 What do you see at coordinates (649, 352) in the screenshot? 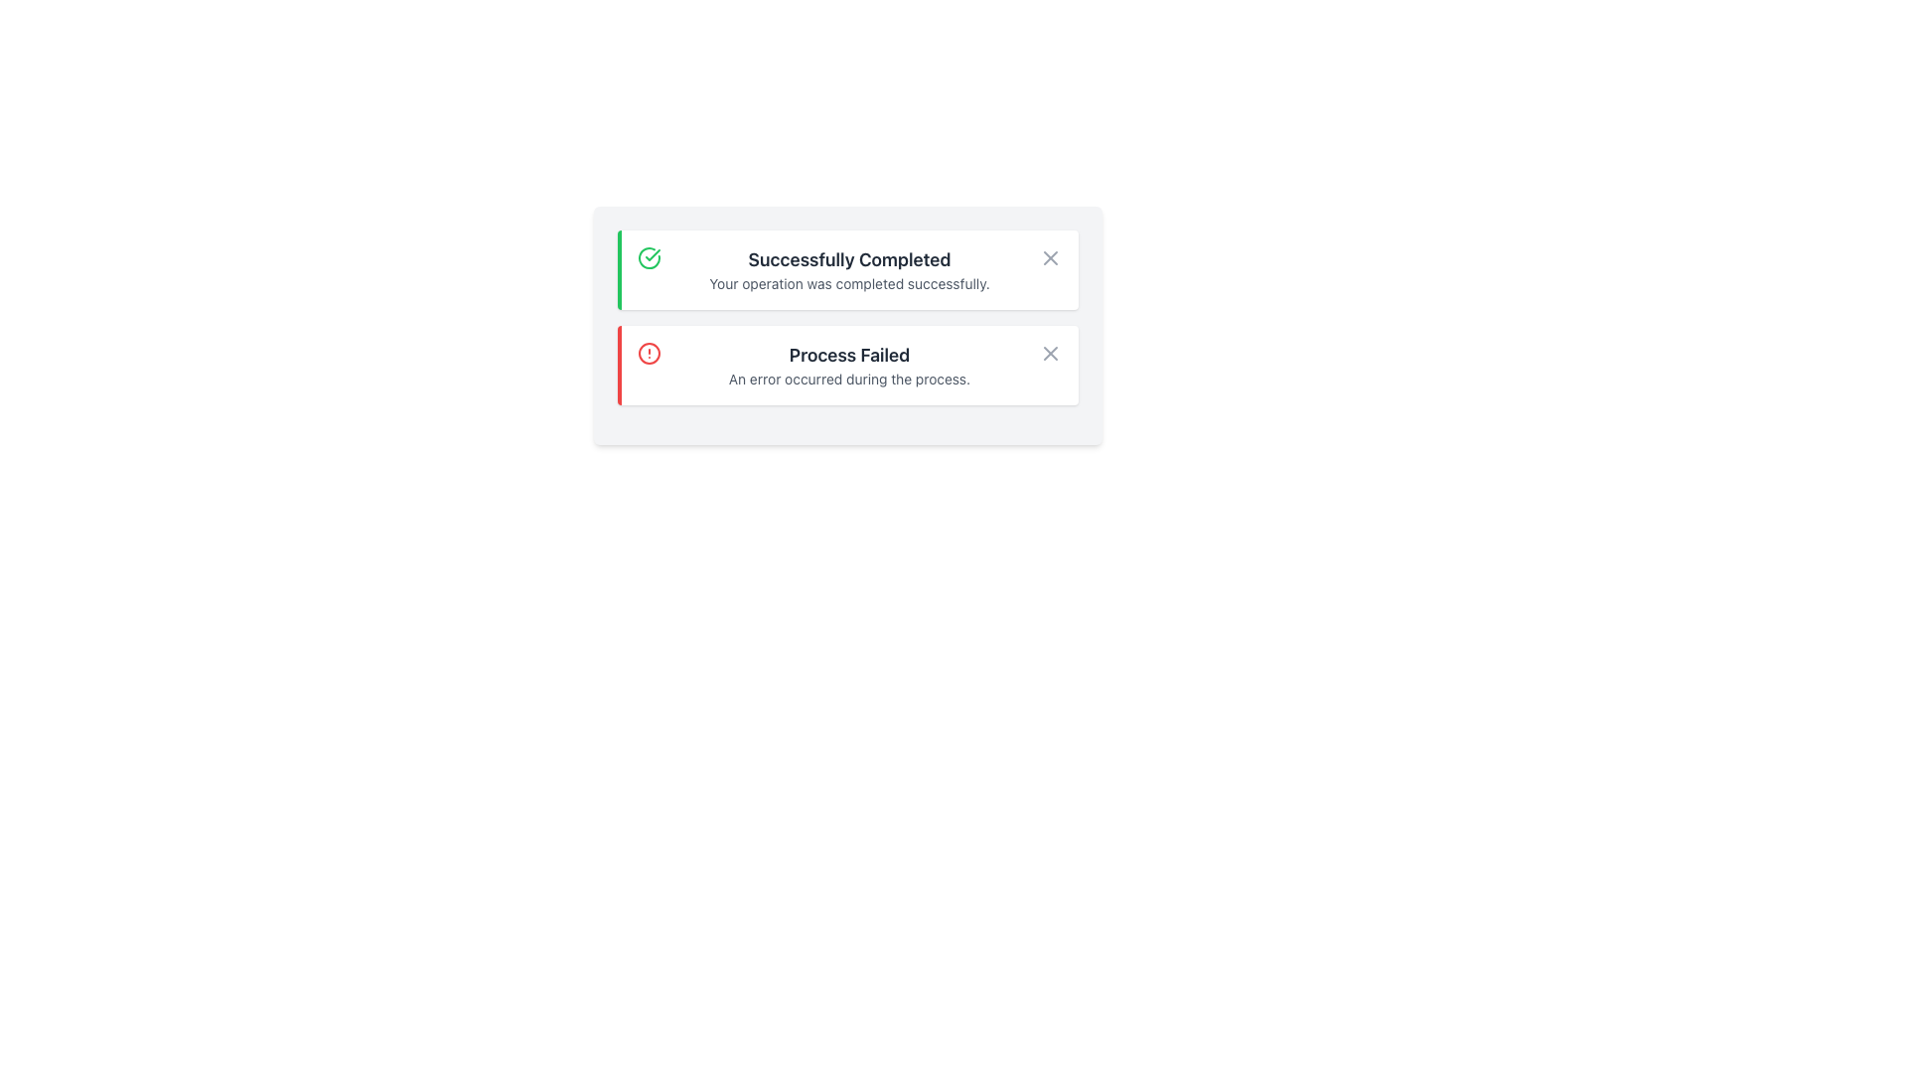
I see `the red circular alert icon within the 'Process Failed' label, which is the second item in a vertical list, to indicate an error or important notice to the user` at bounding box center [649, 352].